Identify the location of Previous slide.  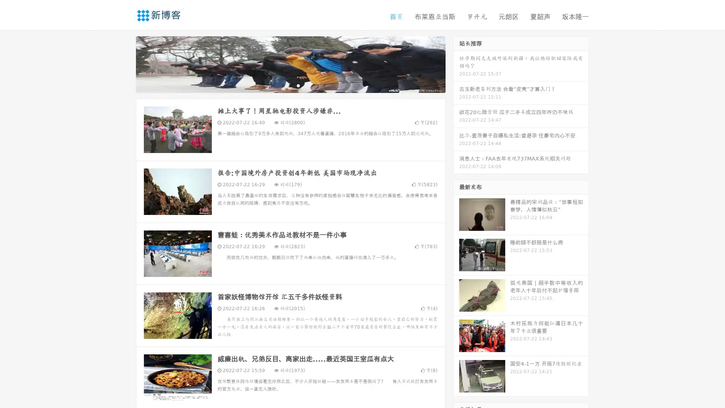
(125, 63).